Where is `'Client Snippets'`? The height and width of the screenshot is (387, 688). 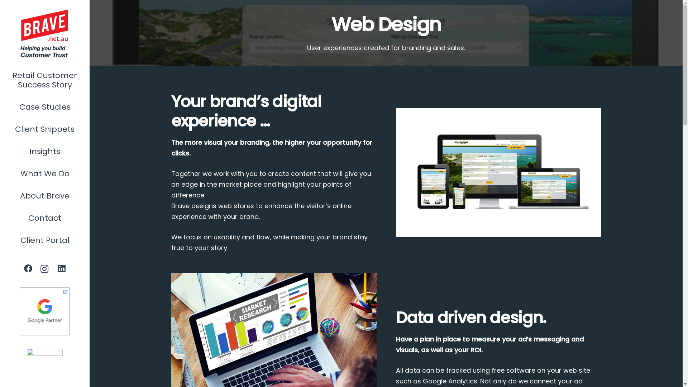 'Client Snippets' is located at coordinates (44, 129).